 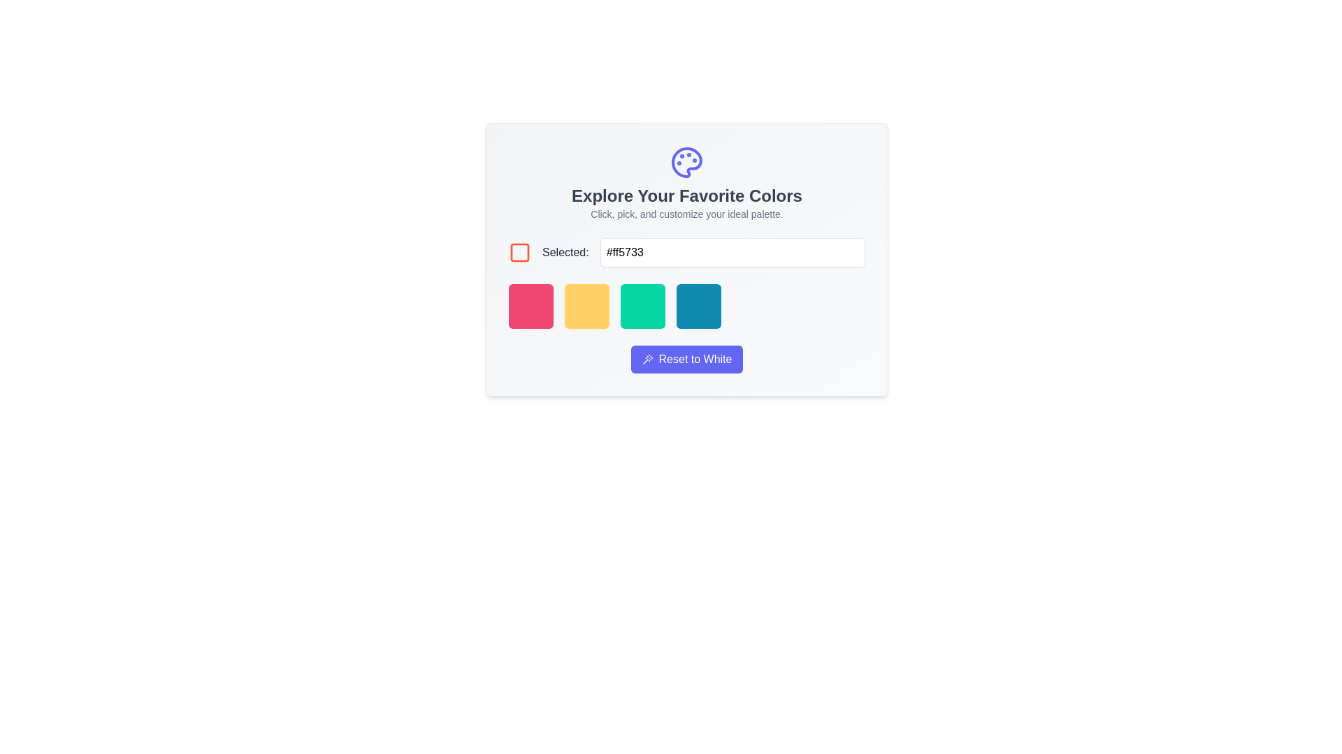 I want to click on properties of the square icon with an orange stroke outline located to the left of the label 'Selected:', so click(x=519, y=253).